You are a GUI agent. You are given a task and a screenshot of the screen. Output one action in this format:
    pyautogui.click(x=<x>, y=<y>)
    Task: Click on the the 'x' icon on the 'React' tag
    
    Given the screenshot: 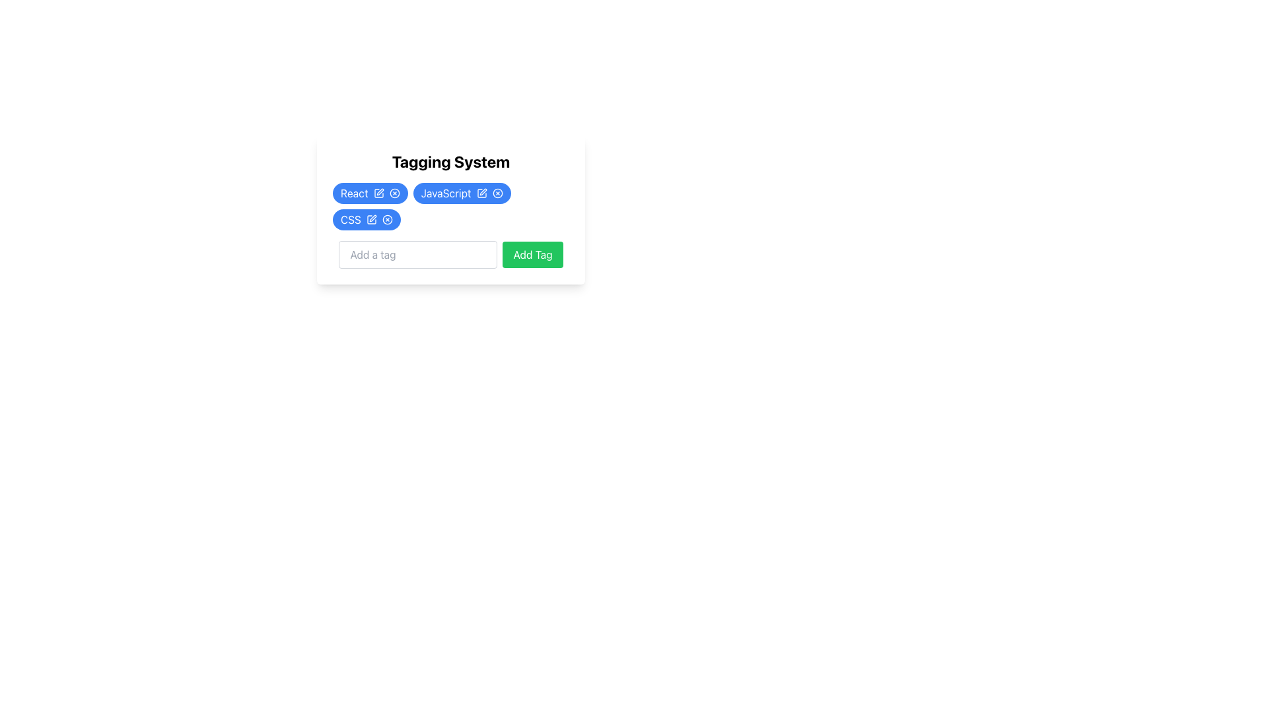 What is the action you would take?
    pyautogui.click(x=370, y=193)
    